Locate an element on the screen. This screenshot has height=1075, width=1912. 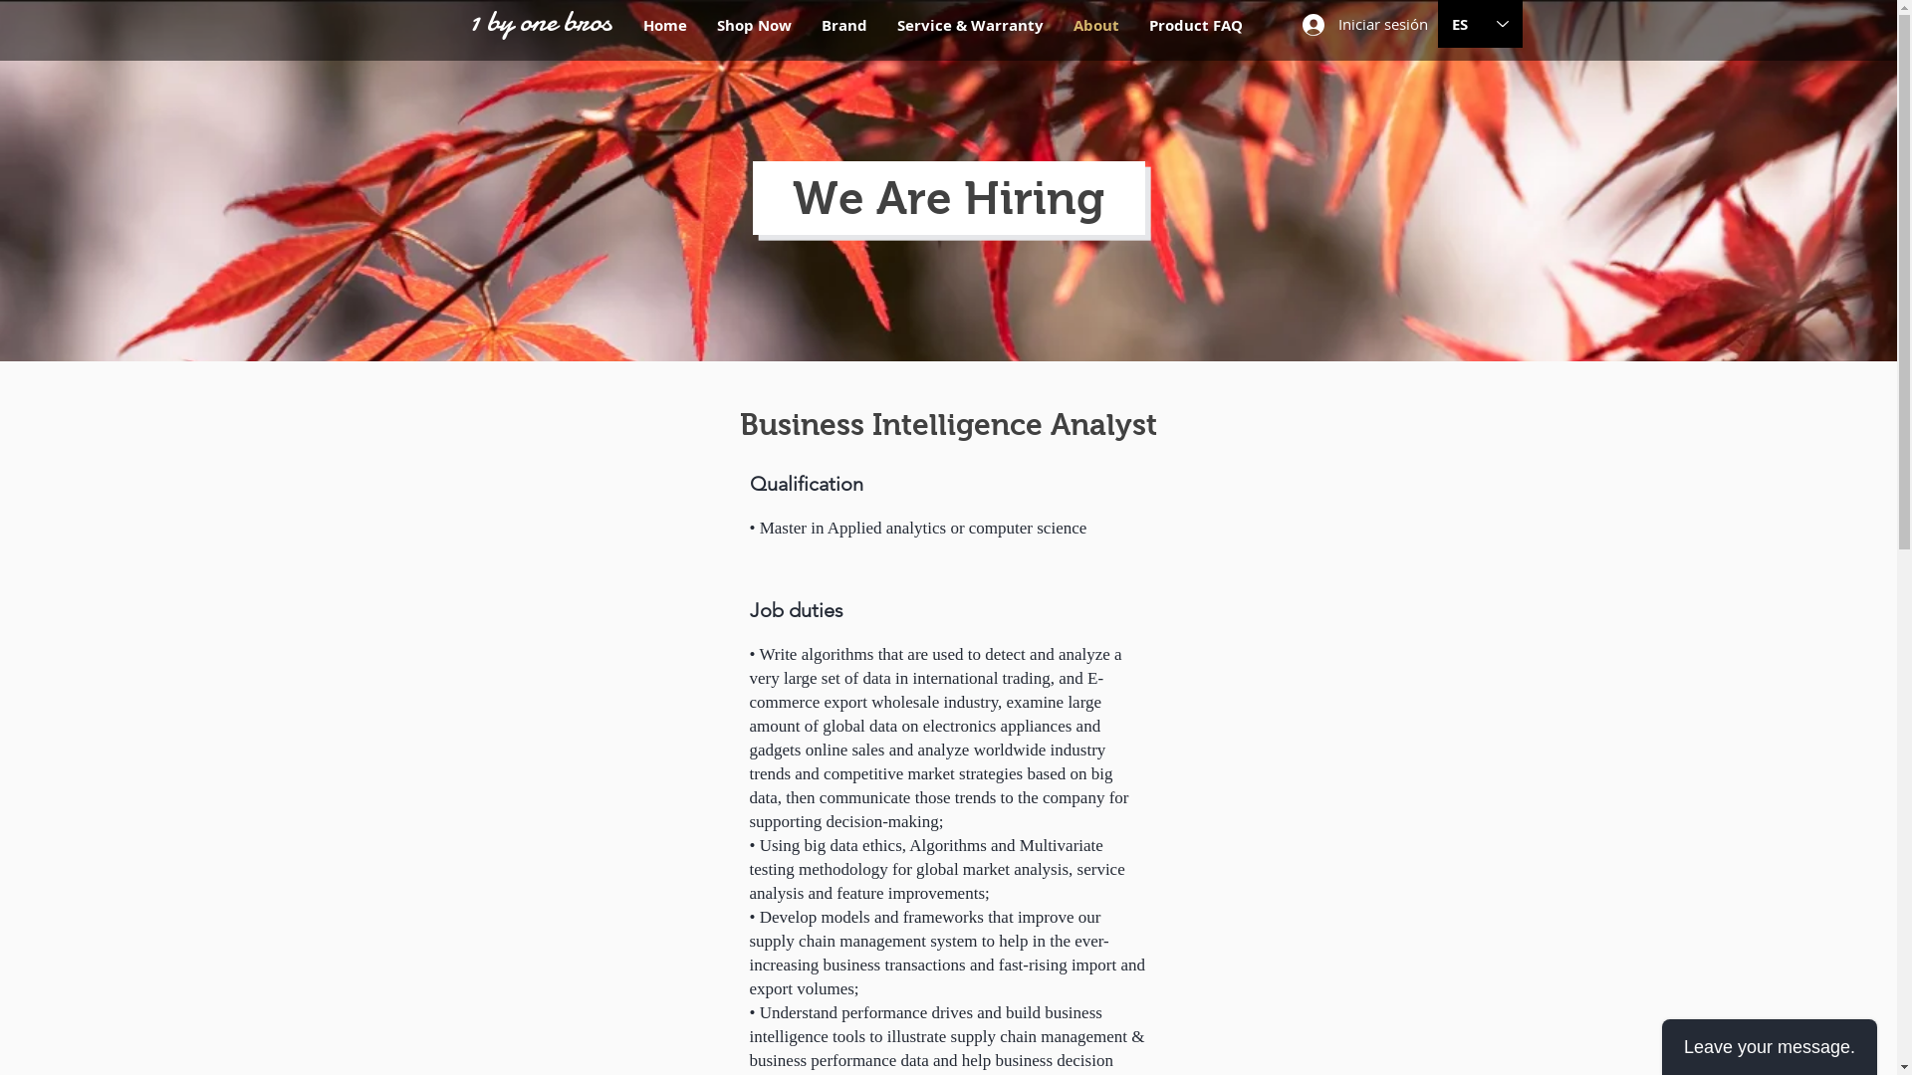
'About' is located at coordinates (1093, 26).